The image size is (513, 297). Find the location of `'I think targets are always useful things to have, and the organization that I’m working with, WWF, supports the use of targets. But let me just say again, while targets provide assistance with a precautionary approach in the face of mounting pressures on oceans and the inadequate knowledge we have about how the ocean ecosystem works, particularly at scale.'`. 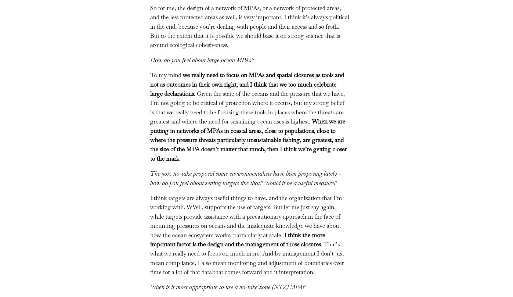

'I think targets are always useful things to have, and the organization that I’m working with, WWF, supports the use of targets. But let me just say again, while targets provide assistance with a precautionary approach in the face of mounting pressures on oceans and the inadequate knowledge we have about how the ocean ecosystem works, particularly at scale.' is located at coordinates (246, 216).